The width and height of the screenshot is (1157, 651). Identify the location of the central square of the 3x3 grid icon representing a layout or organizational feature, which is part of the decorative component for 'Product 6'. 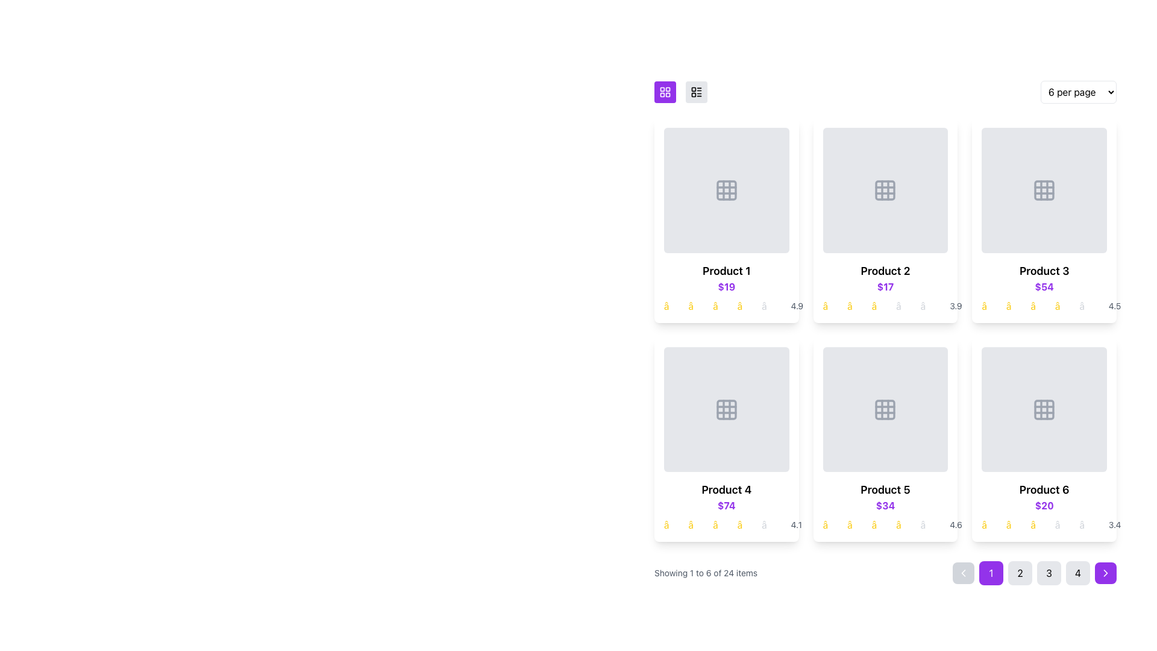
(1044, 409).